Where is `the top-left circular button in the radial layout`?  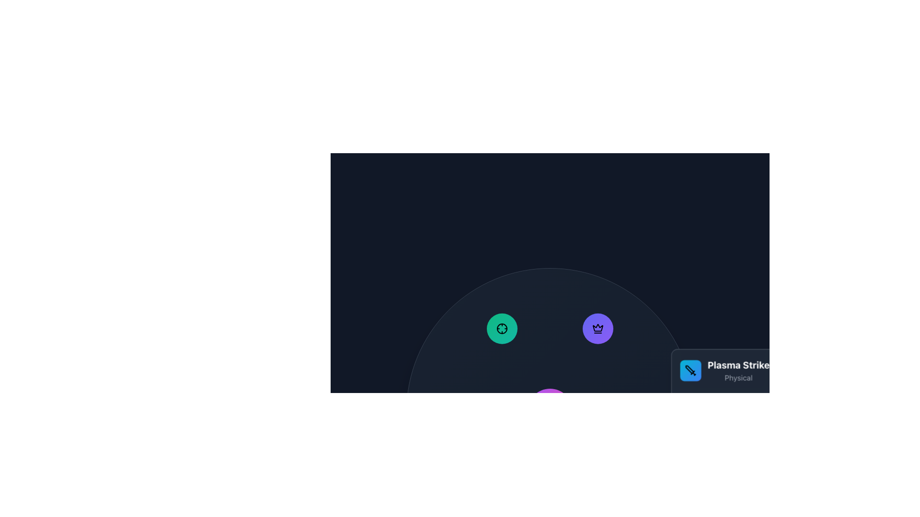
the top-left circular button in the radial layout is located at coordinates (501, 328).